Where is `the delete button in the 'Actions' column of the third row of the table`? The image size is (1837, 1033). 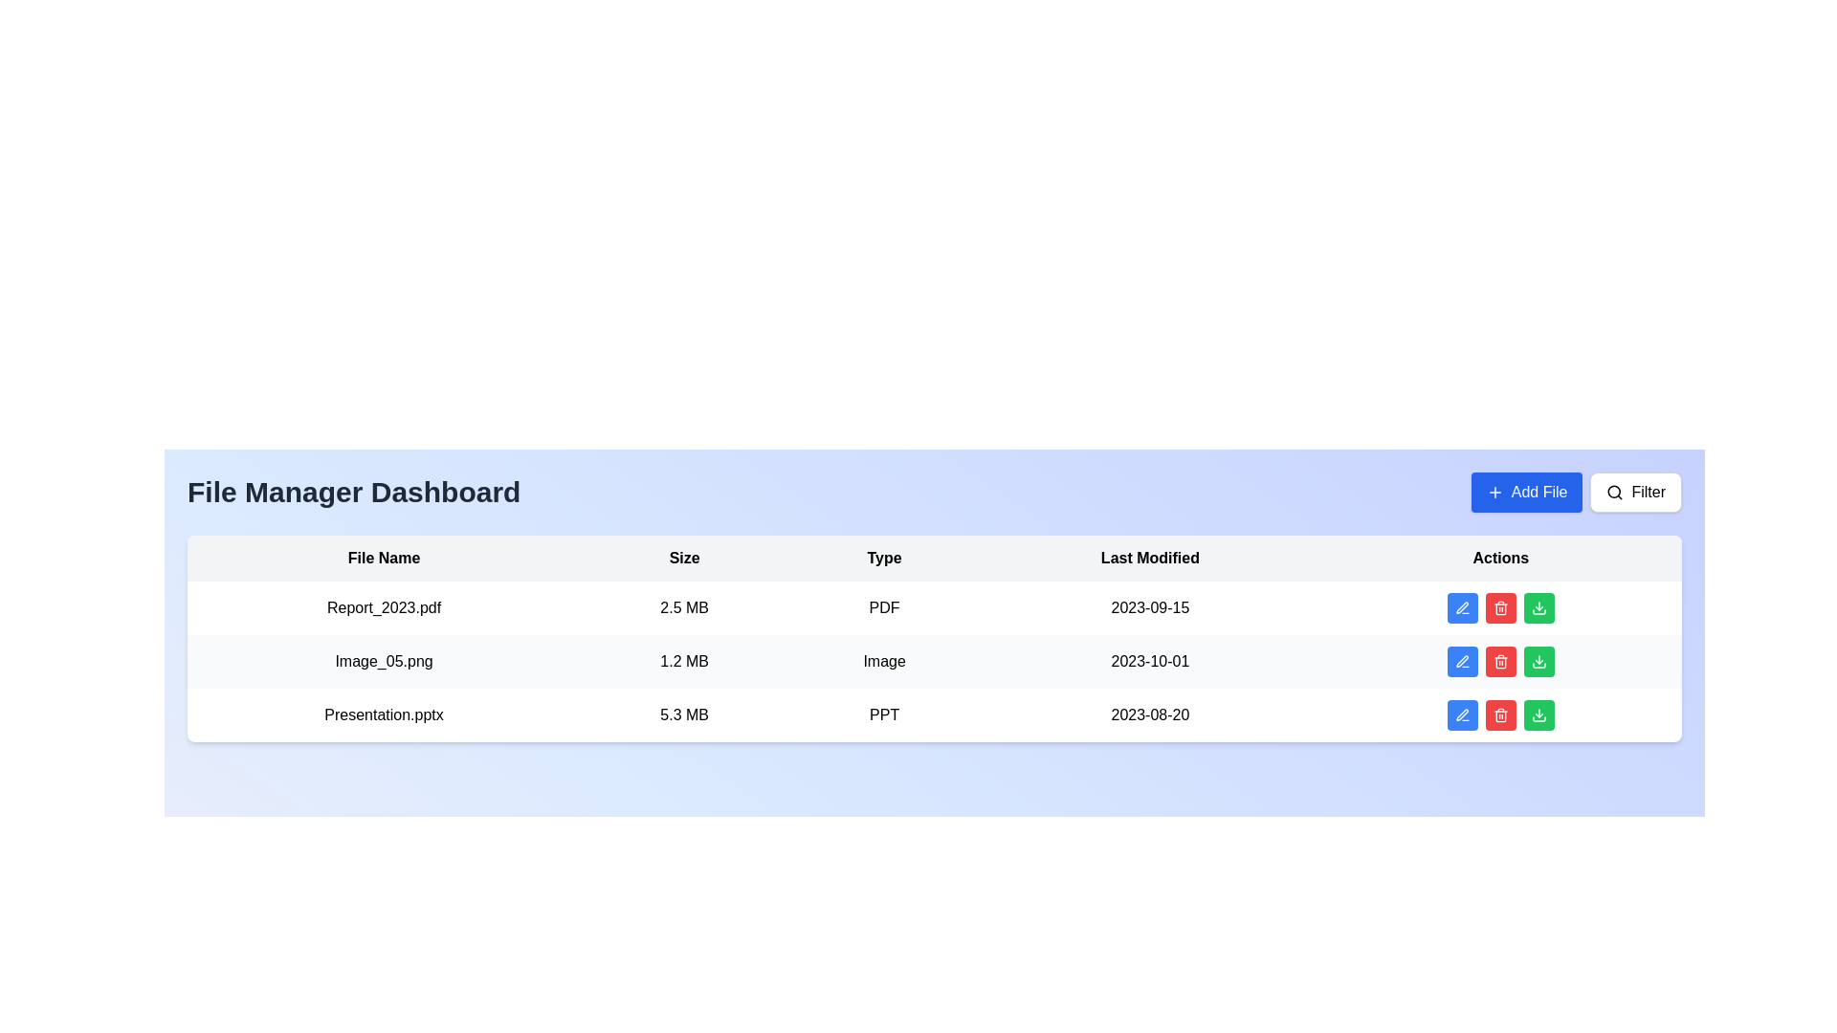
the delete button in the 'Actions' column of the third row of the table is located at coordinates (1499, 715).